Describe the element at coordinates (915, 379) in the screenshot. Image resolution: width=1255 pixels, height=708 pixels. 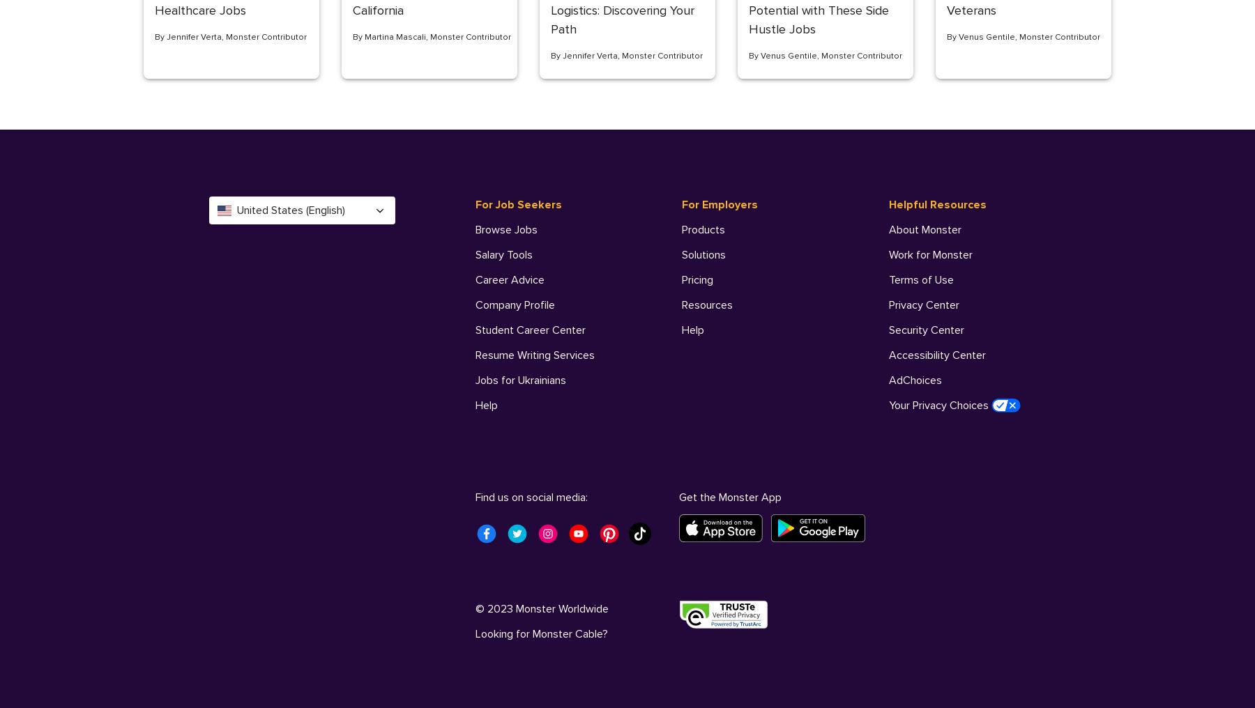
I see `'AdChoices'` at that location.